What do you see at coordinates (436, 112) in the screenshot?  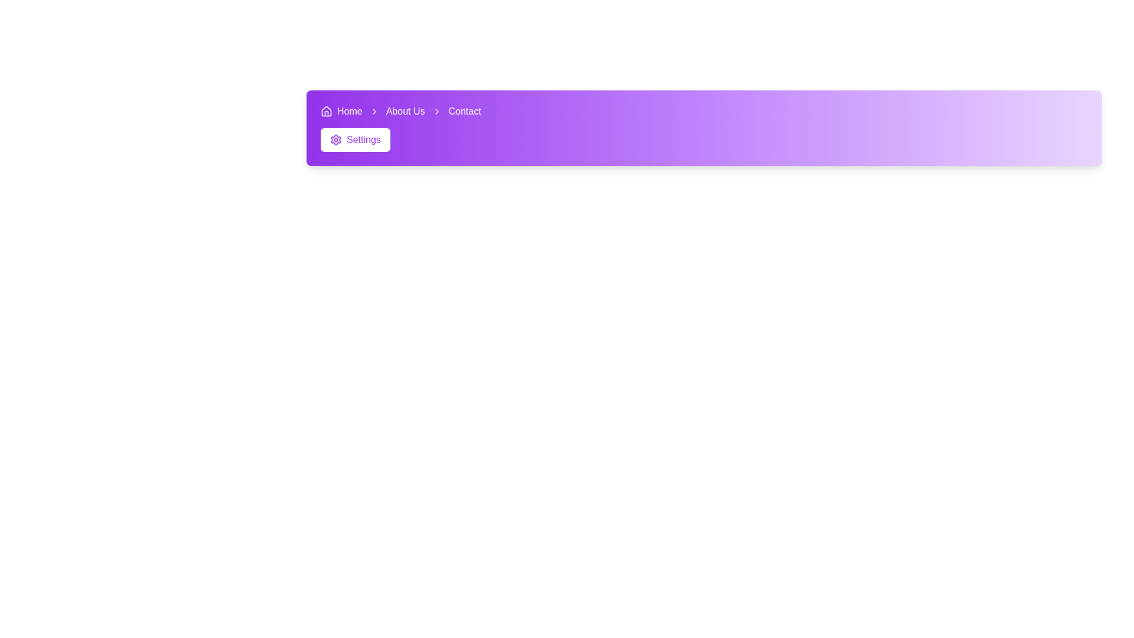 I see `the breadcrumb icon that separates 'About Us' and 'Contact' links in the navigation bar` at bounding box center [436, 112].